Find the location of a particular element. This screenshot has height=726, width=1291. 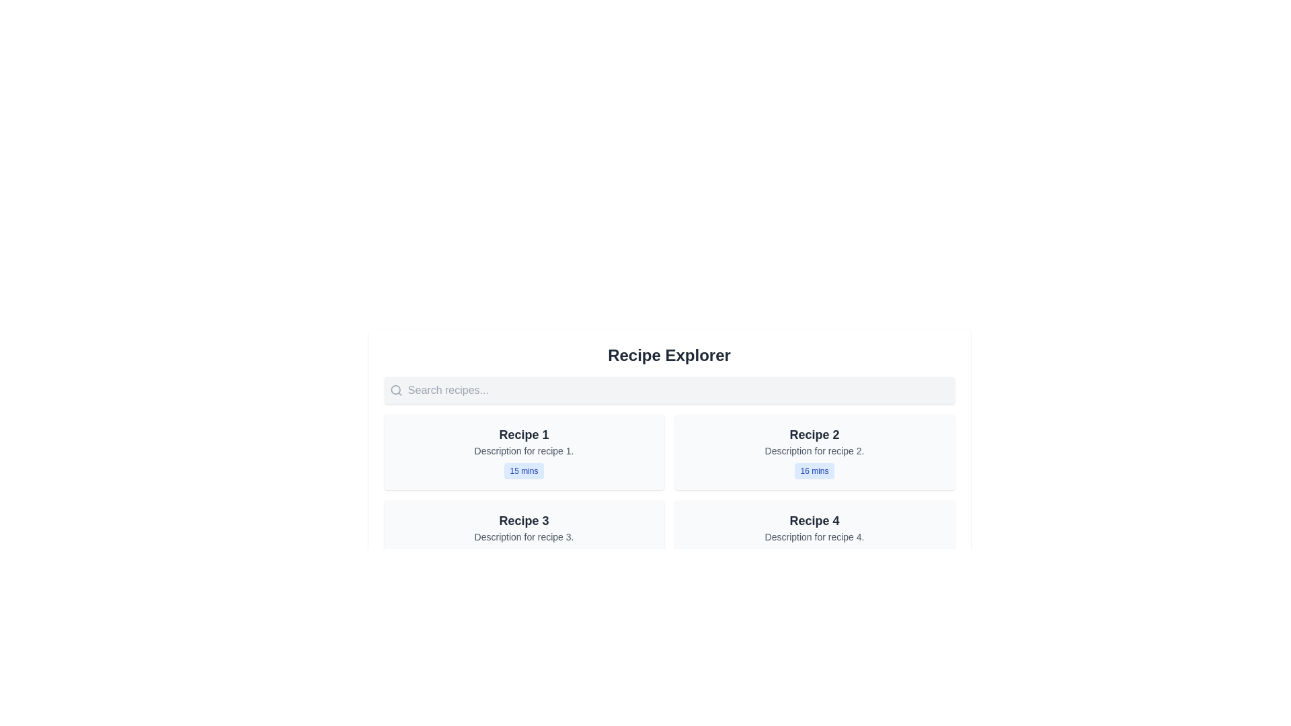

the descriptive text providing additional information about 'Recipe 3', which is located below the title 'Recipe 3' and above the duration '17 mins' is located at coordinates (523, 536).